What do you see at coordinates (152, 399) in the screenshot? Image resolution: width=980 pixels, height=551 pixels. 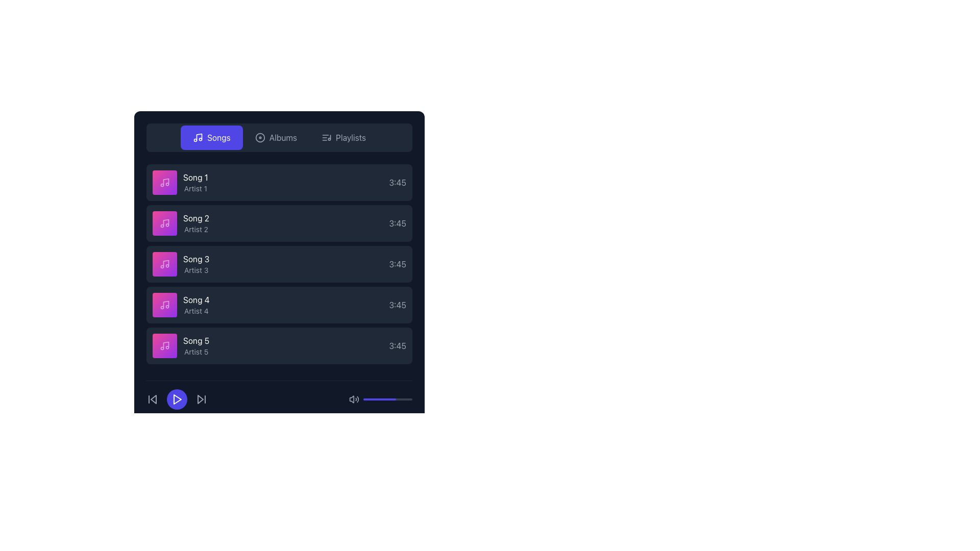 I see `the small left-facing arrow button in the bottom-left corner of the playback controls to change its color from gray to white` at bounding box center [152, 399].